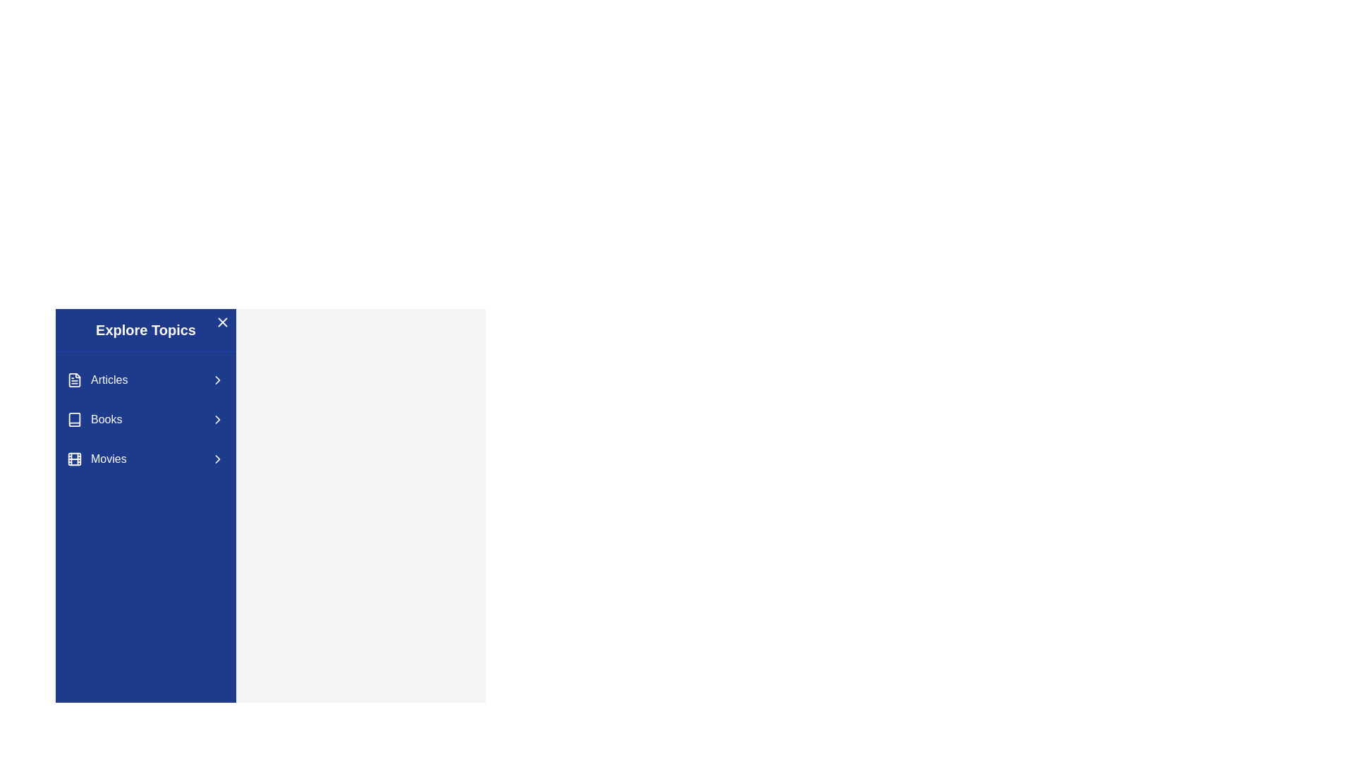 This screenshot has height=762, width=1354. Describe the element at coordinates (216, 459) in the screenshot. I see `the small rightward-pointing arrow icon located to the right of the 'Movies' option in the sidebar navigation menu to focus on it` at that location.